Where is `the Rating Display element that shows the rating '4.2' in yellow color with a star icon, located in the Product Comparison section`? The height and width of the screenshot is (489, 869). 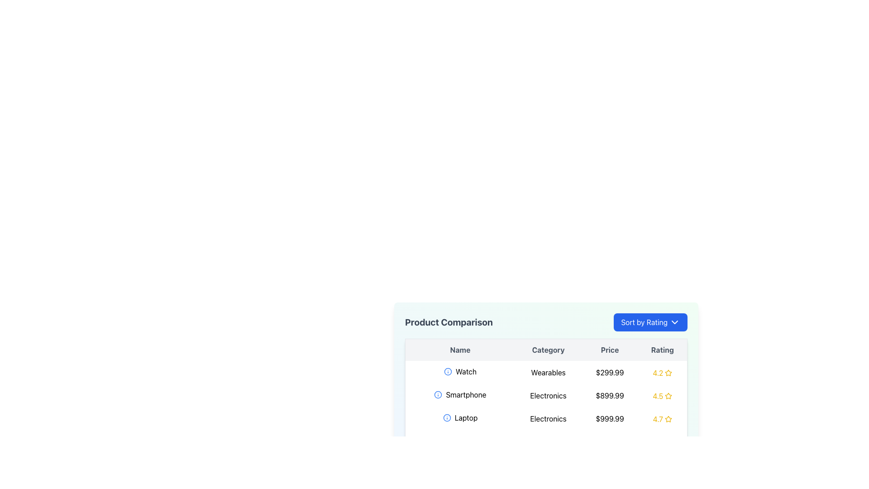
the Rating Display element that shows the rating '4.2' in yellow color with a star icon, located in the Product Comparison section is located at coordinates (662, 373).